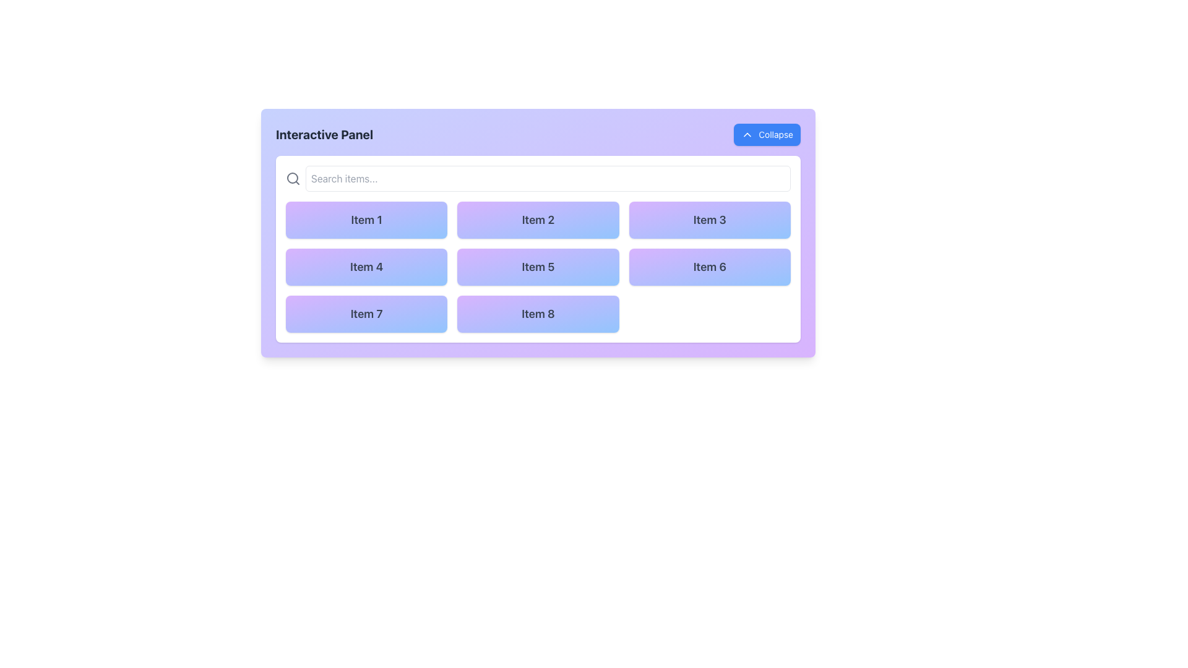 This screenshot has height=668, width=1188. I want to click on the panel with a white background and rounded corners, which contains a grid of buttons labeled from 'Item 1' to 'Item 8', so click(538, 249).